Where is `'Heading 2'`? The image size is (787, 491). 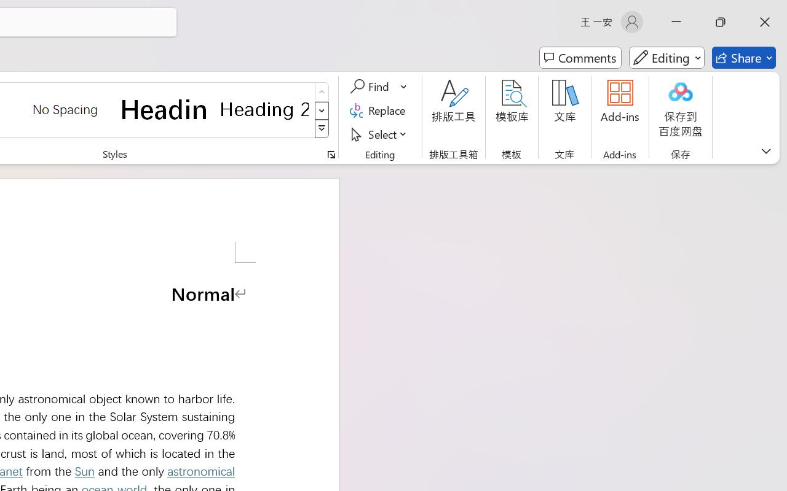 'Heading 2' is located at coordinates (264, 109).